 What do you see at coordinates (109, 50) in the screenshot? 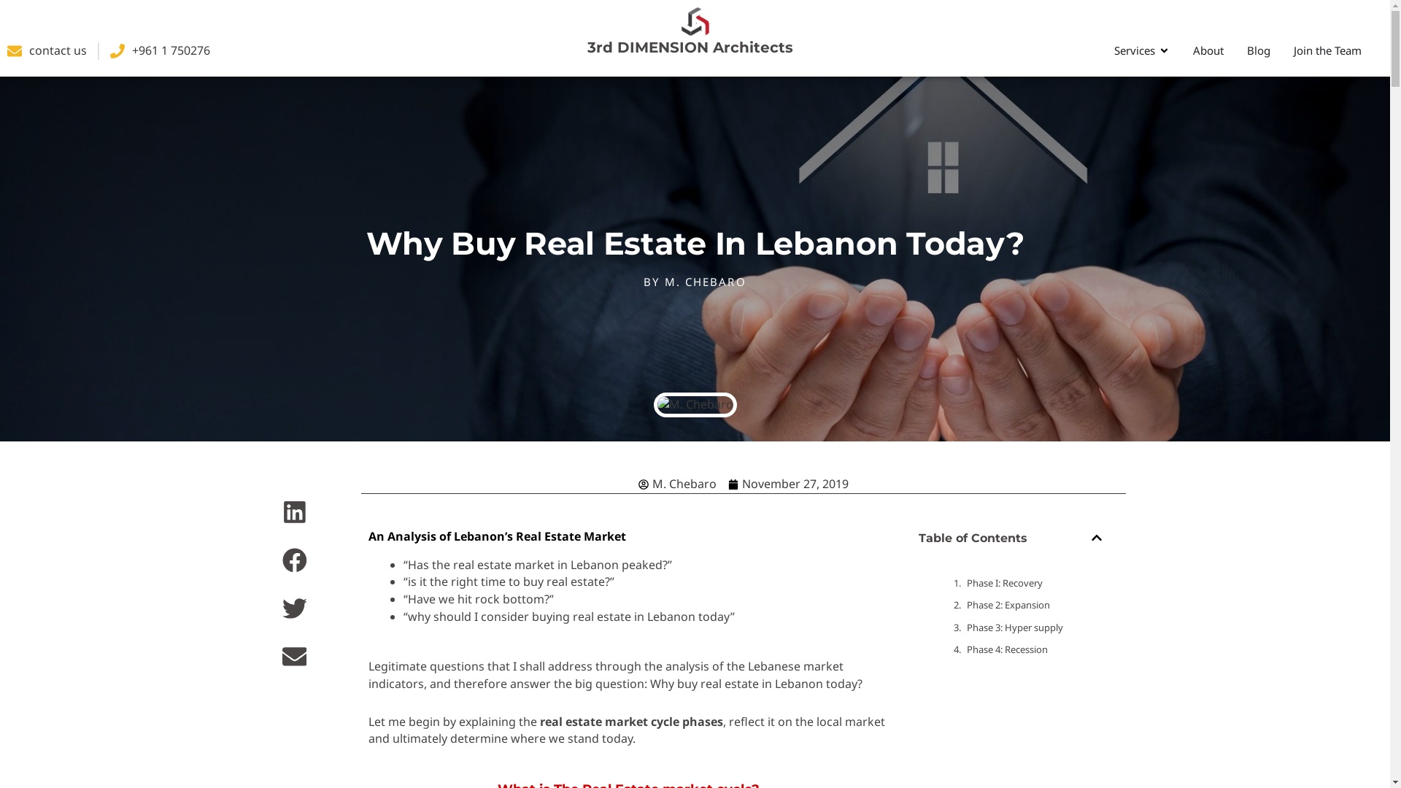
I see `'+961 1 750276'` at bounding box center [109, 50].